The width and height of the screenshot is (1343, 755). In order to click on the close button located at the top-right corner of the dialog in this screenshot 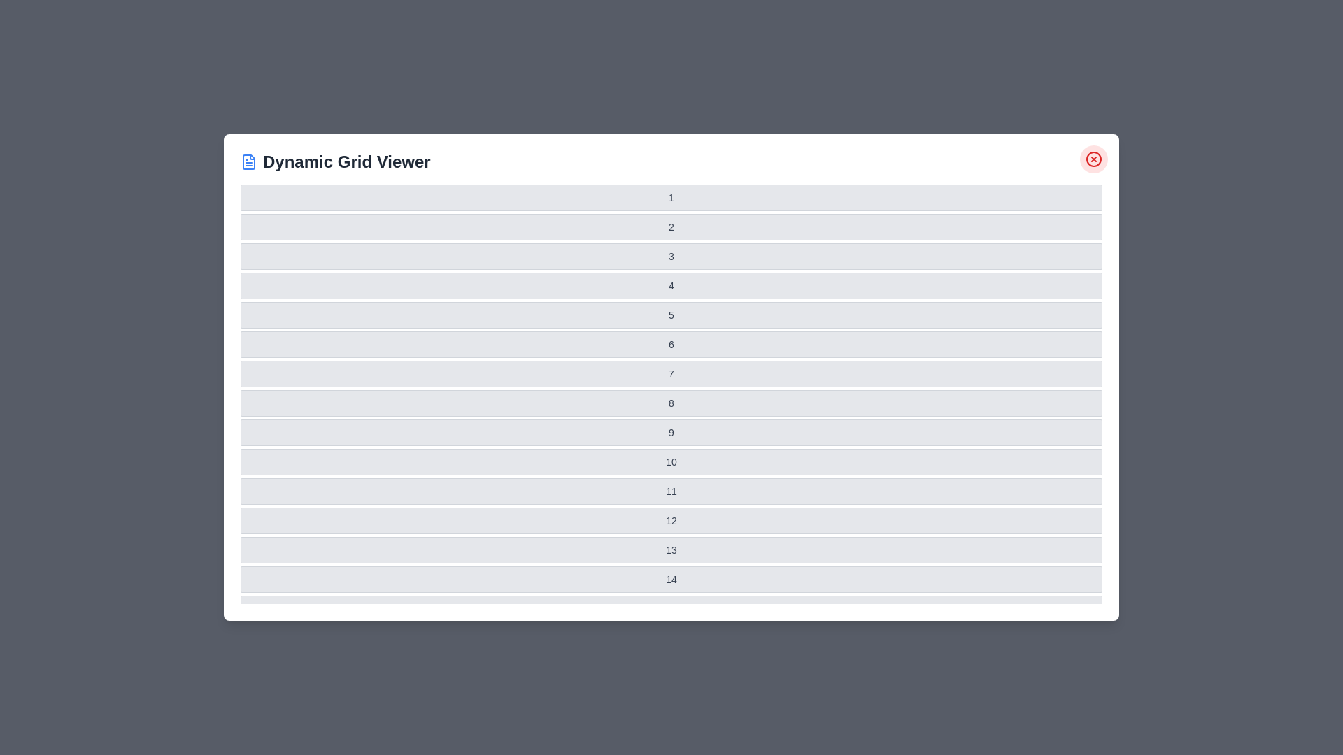, I will do `click(1093, 158)`.